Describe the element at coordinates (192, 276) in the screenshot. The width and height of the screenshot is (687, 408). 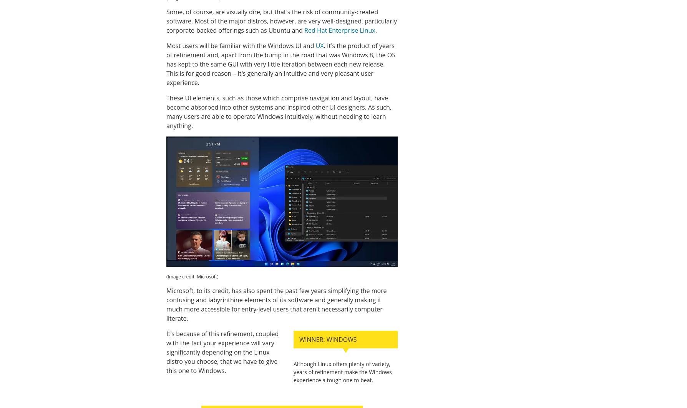
I see `'(Image credit: Microsoft)'` at that location.